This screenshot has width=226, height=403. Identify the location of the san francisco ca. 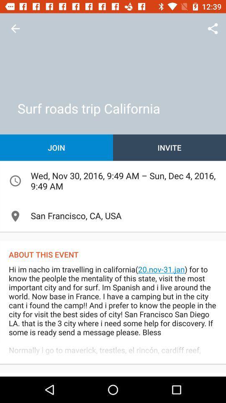
(113, 216).